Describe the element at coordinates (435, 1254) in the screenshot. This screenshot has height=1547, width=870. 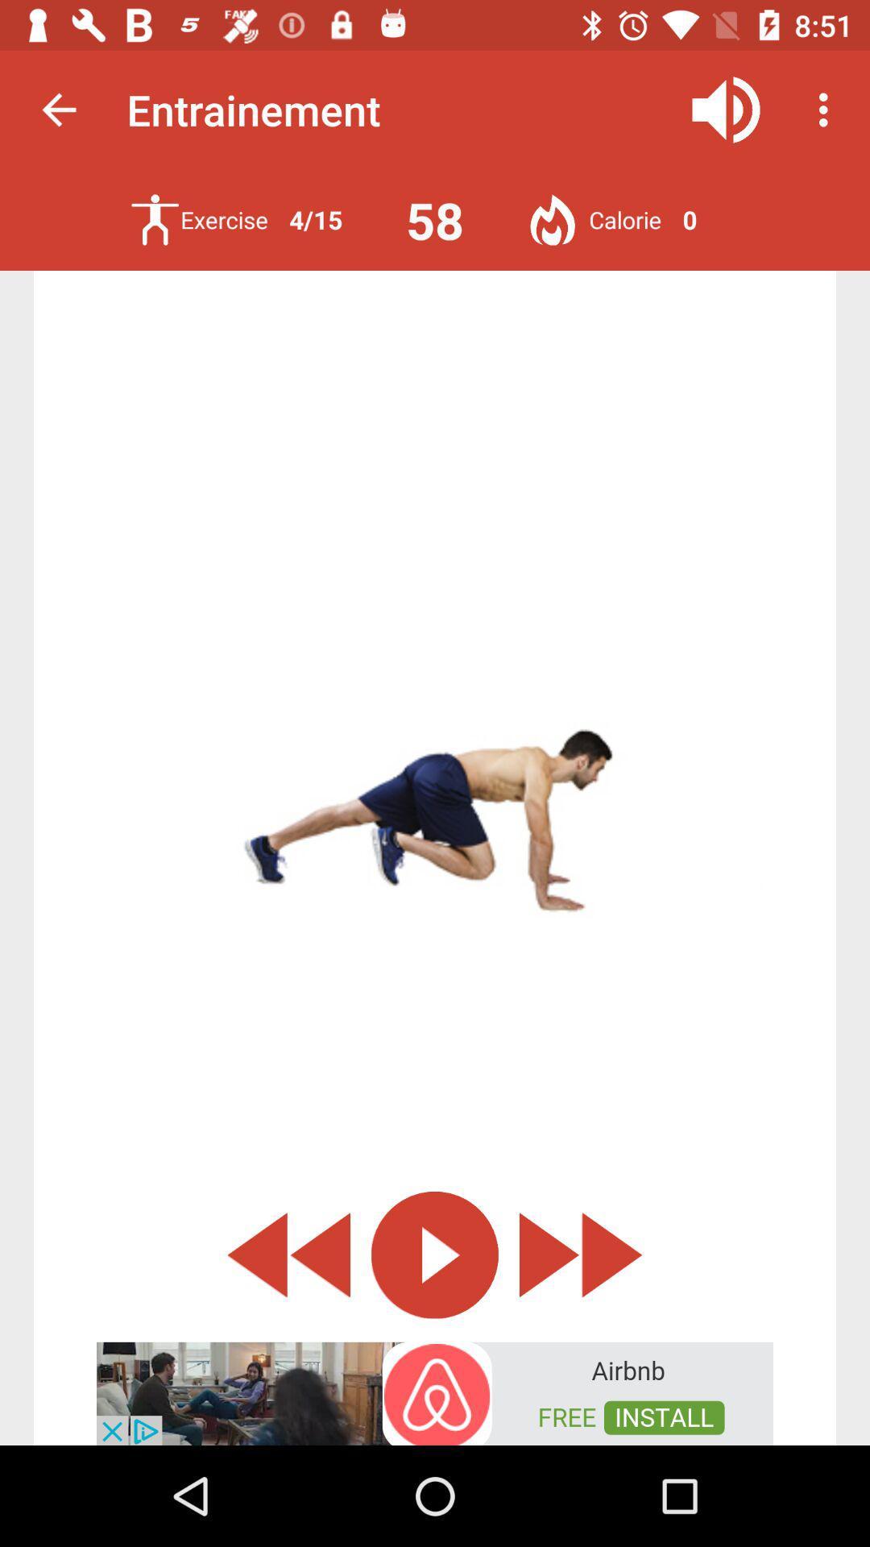
I see `the play icon` at that location.